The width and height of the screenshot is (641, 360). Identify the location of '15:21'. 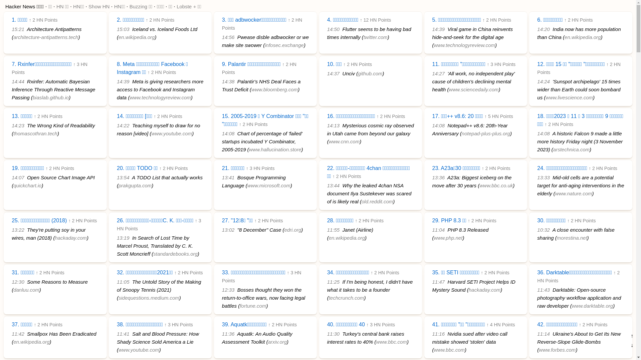
(18, 29).